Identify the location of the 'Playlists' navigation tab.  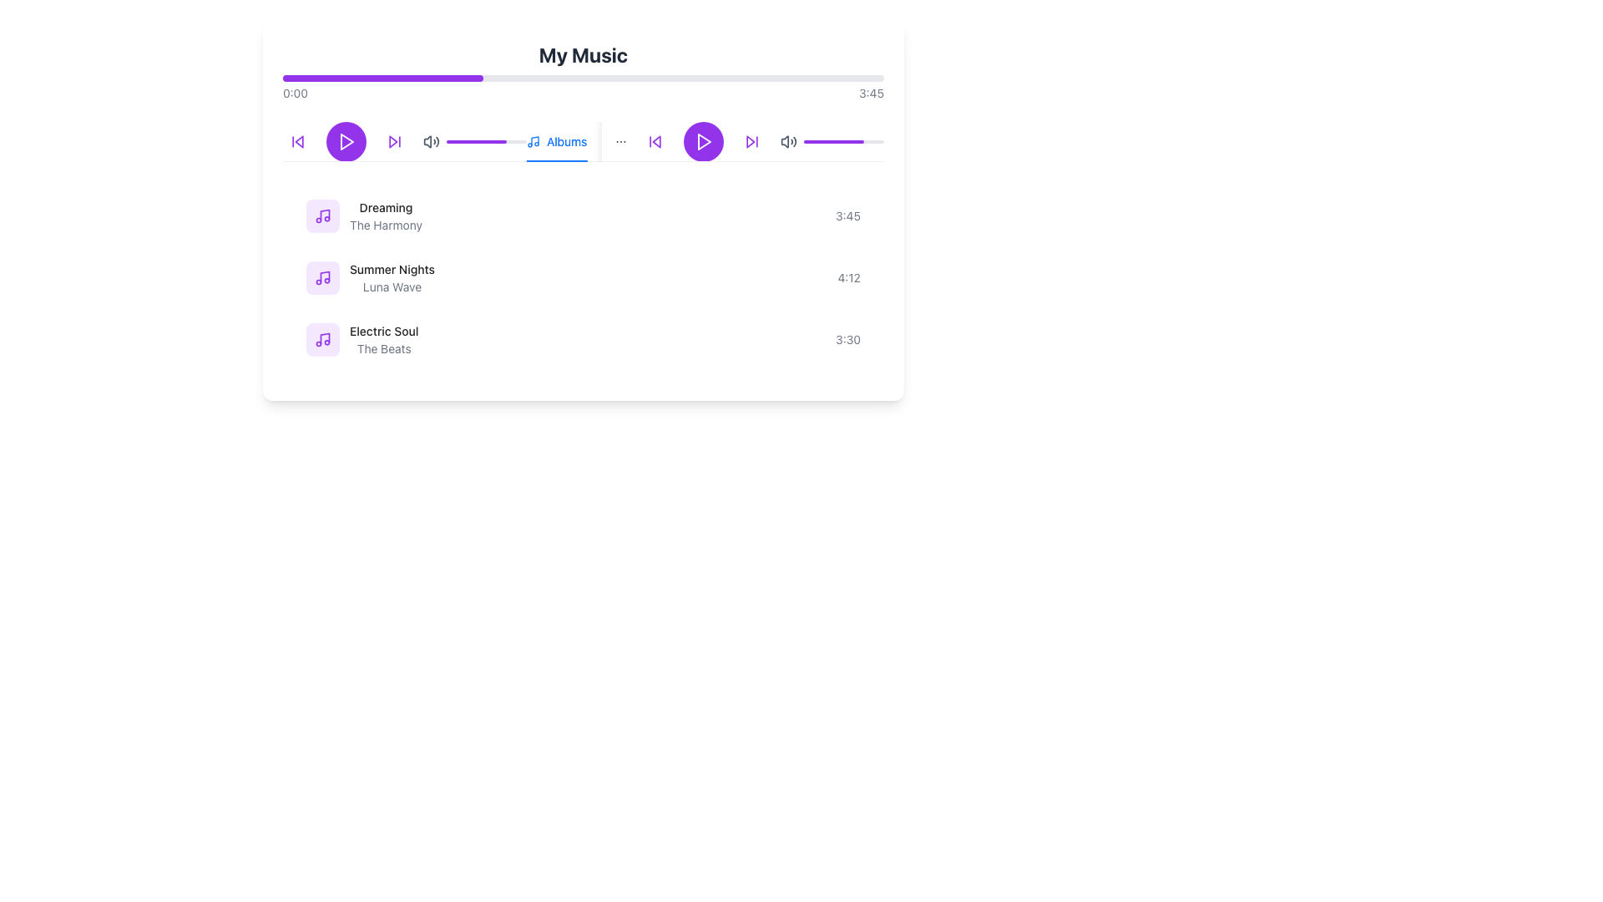
(727, 140).